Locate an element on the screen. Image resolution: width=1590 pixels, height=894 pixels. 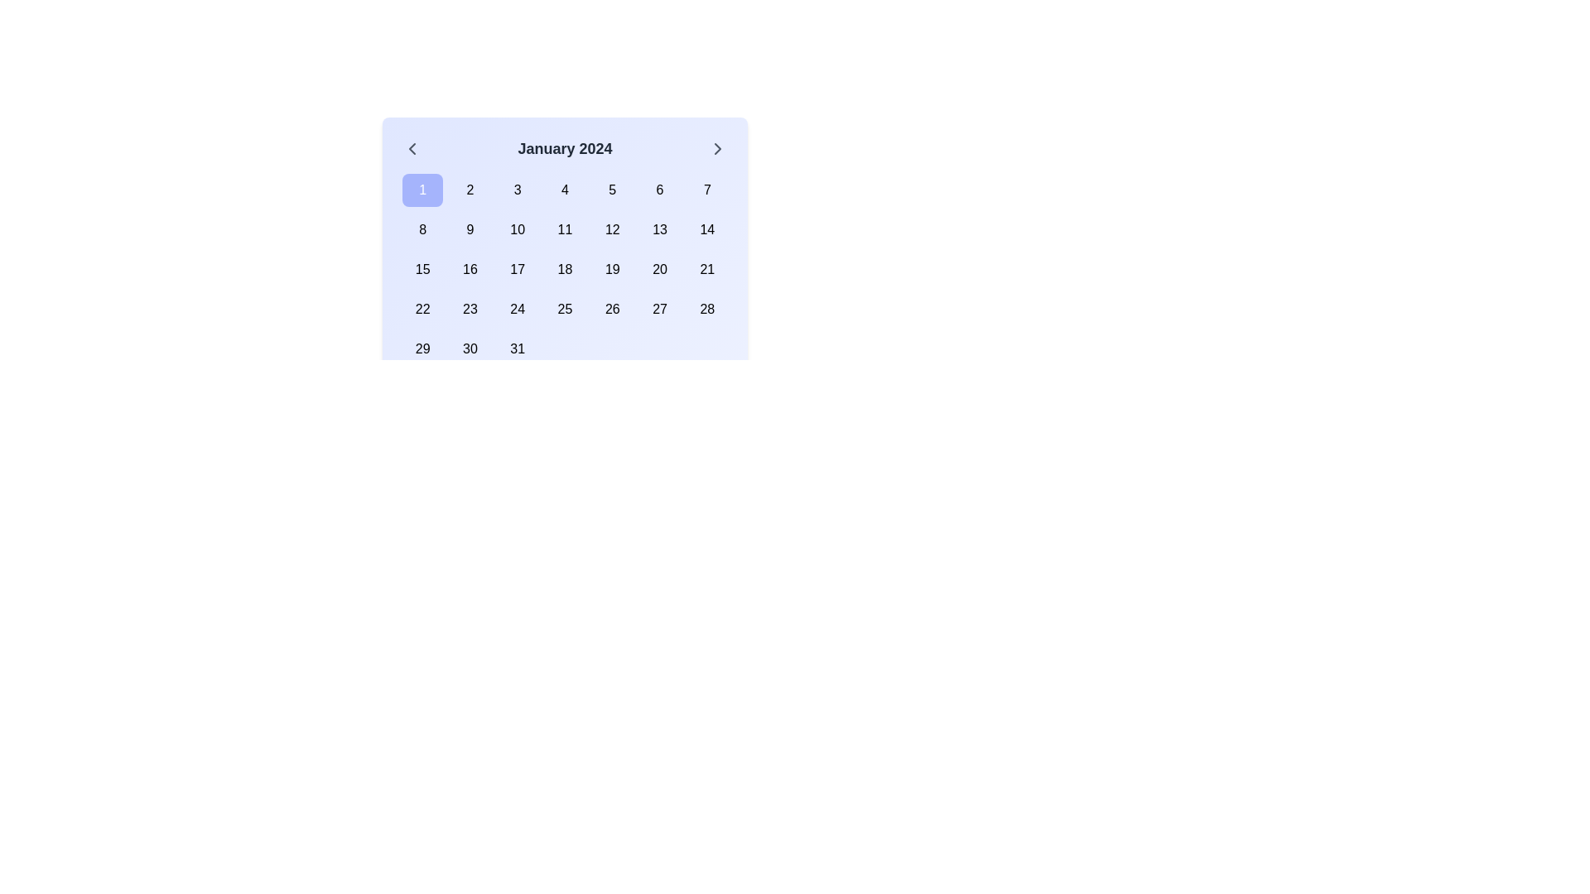
the button displaying '25' with a light blue background and rounded corners for keyboard interaction is located at coordinates (565, 310).